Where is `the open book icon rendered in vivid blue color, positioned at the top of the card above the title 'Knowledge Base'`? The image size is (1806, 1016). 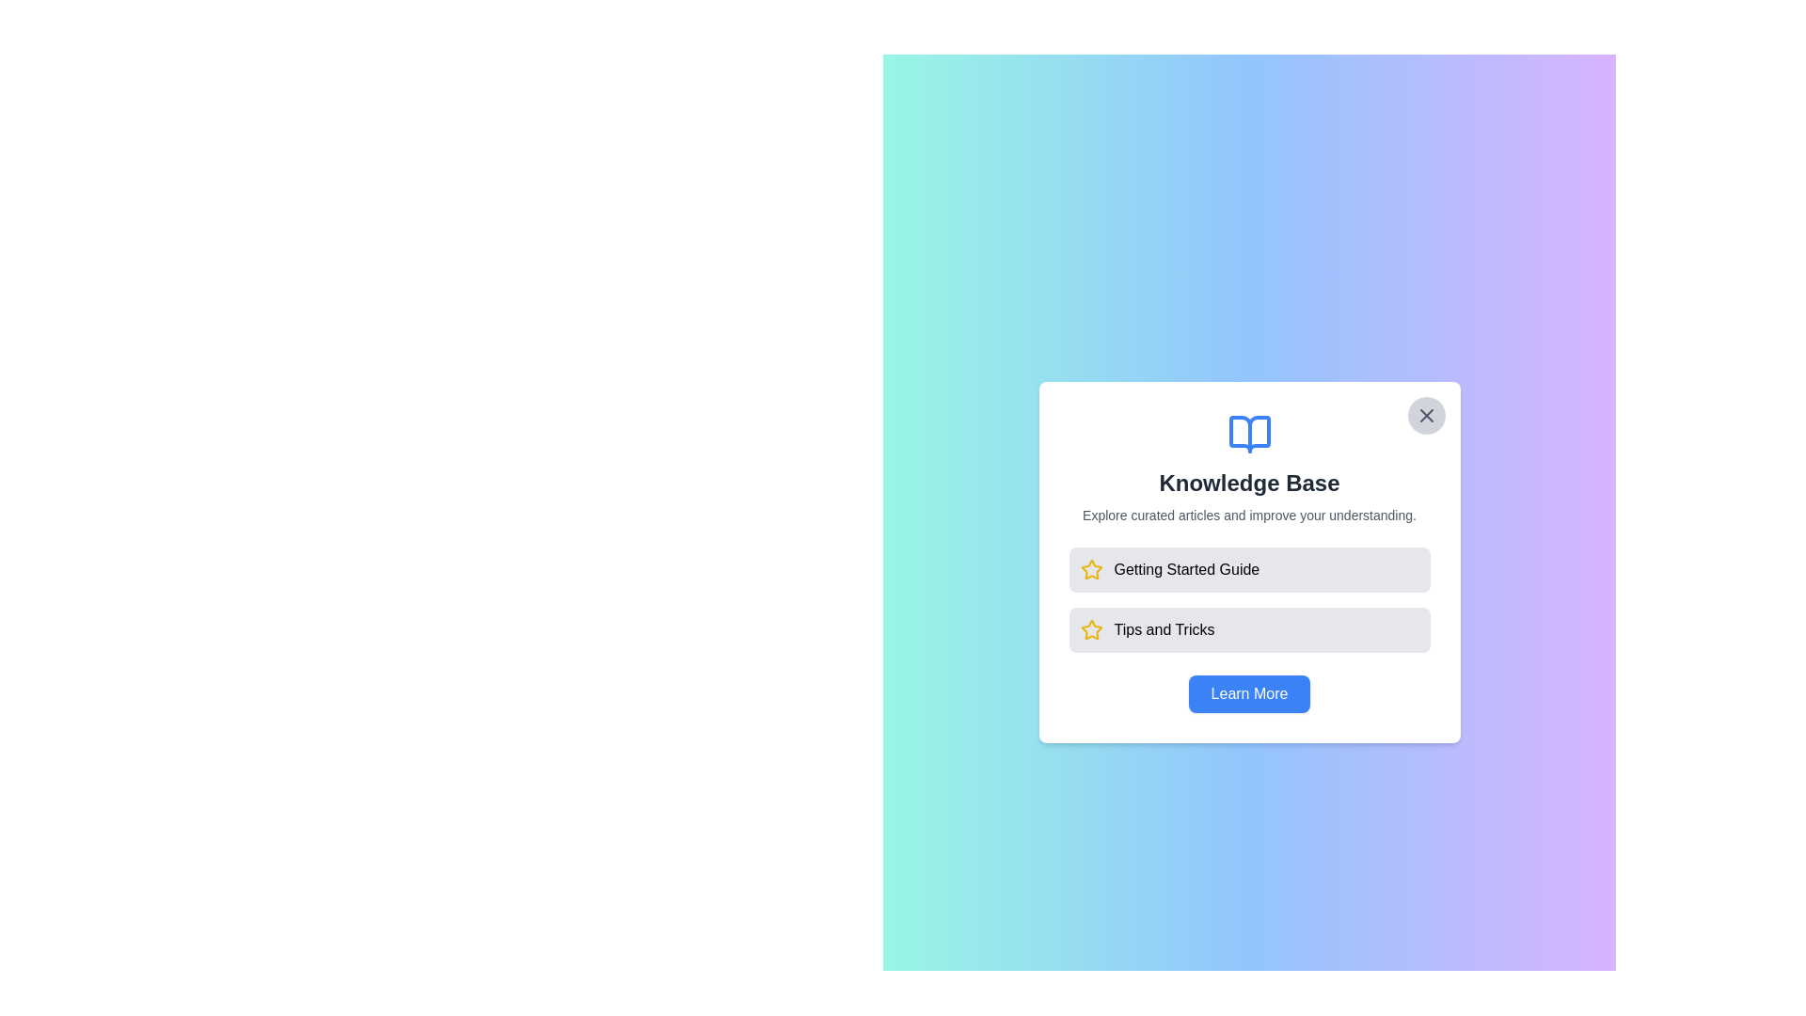
the open book icon rendered in vivid blue color, positioned at the top of the card above the title 'Knowledge Base' is located at coordinates (1249, 435).